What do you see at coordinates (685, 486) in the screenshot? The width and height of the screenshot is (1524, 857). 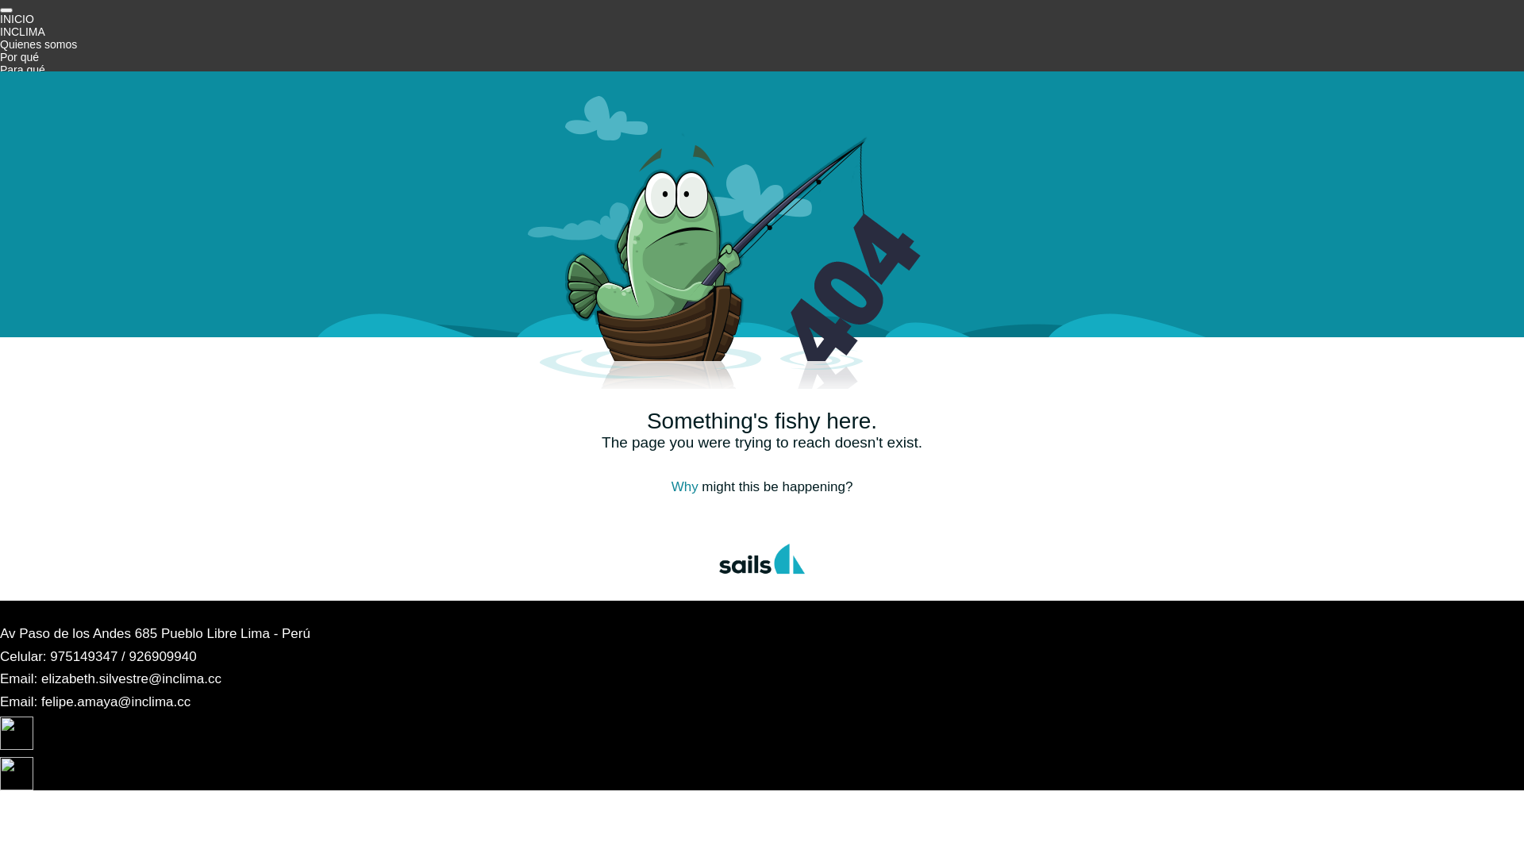 I see `'Why'` at bounding box center [685, 486].